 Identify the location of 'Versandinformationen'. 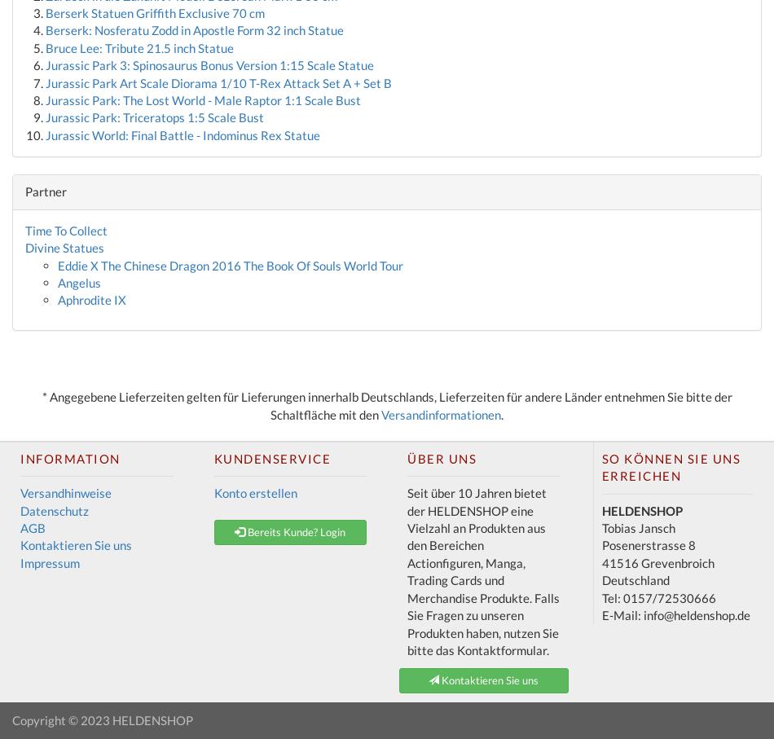
(441, 413).